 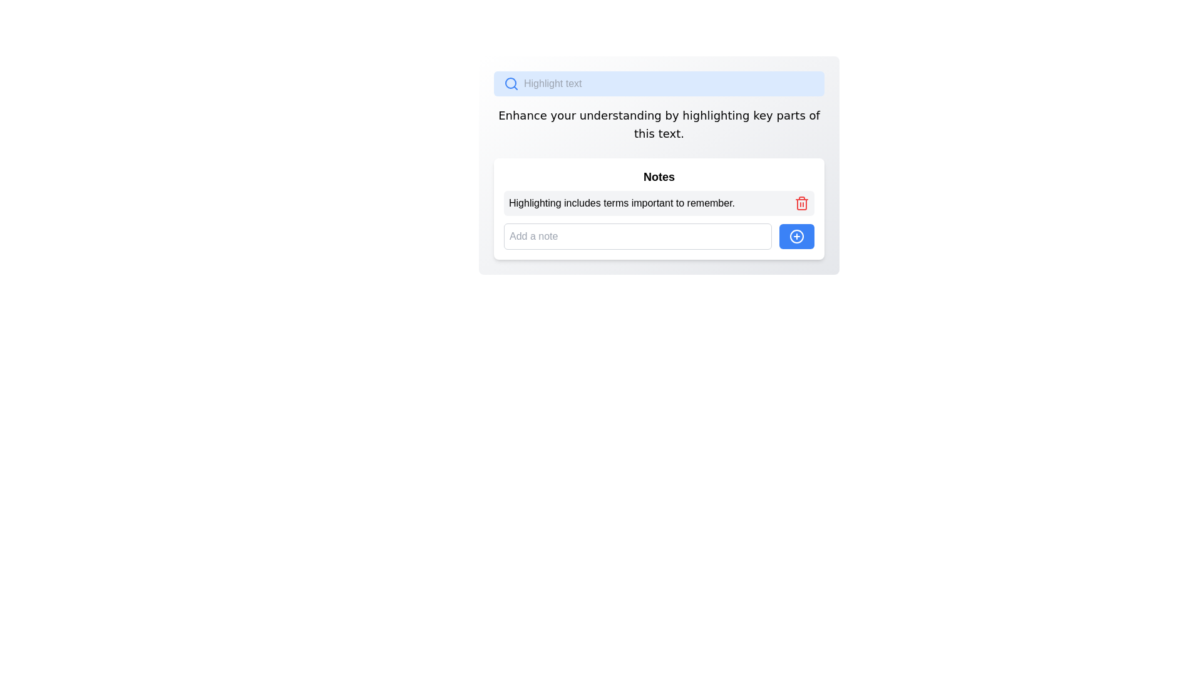 I want to click on the small lowercase 's' character in the word 'this' within the sentence 'Enhance your understanding by highlighting key parts of this text.', so click(x=651, y=133).